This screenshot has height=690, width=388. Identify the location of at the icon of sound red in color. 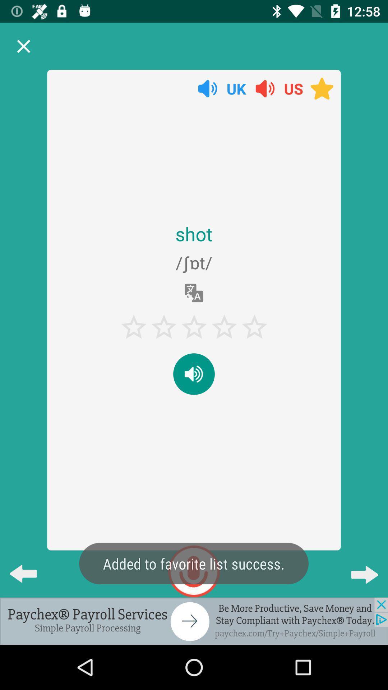
(265, 88).